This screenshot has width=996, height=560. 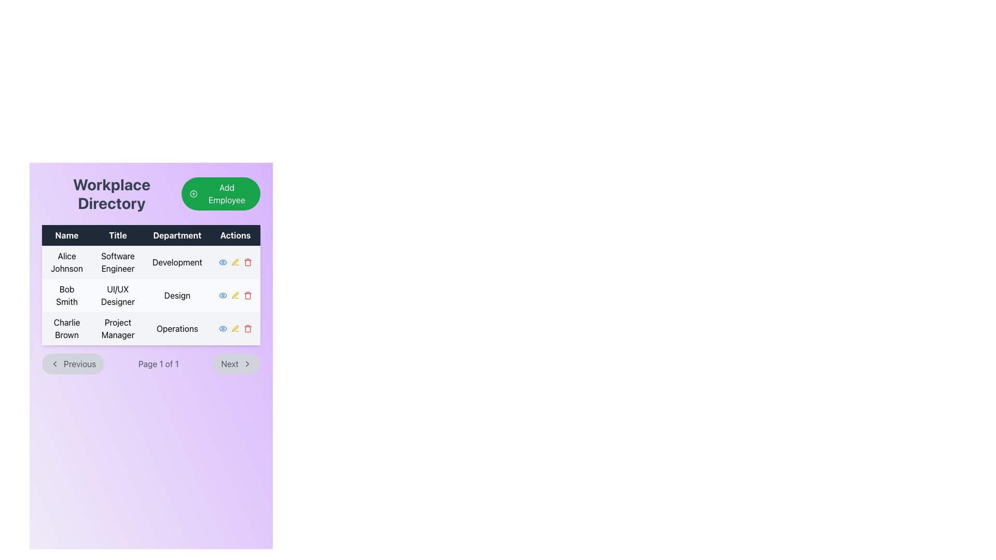 I want to click on the static text label displaying 'Operations' in the Department column of the table for Charlie Brown, so click(x=177, y=328).